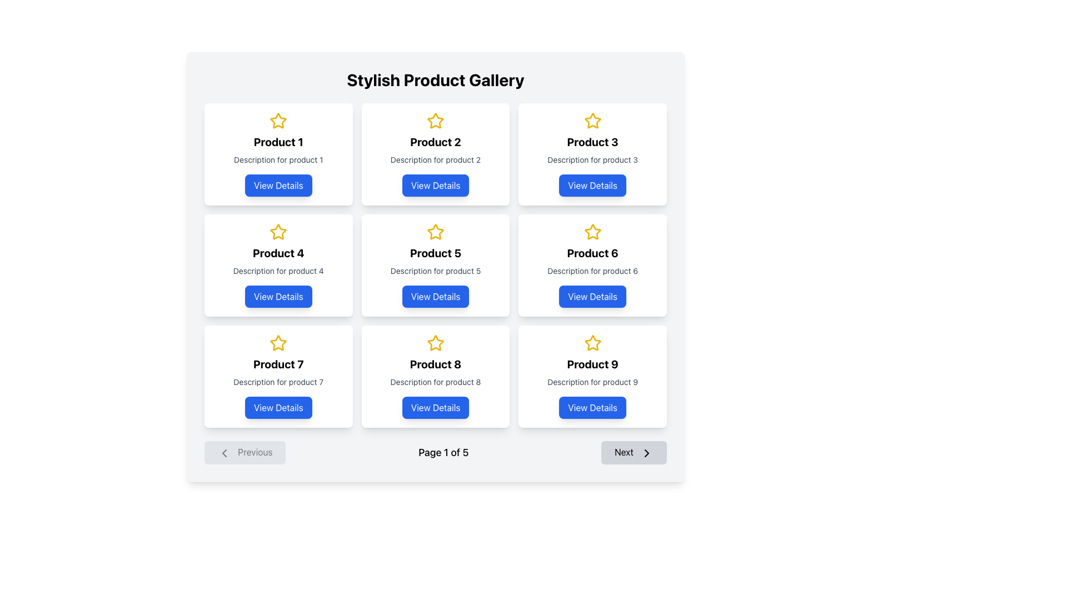 The width and height of the screenshot is (1067, 600). What do you see at coordinates (592, 342) in the screenshot?
I see `the yellow five-pointed star icon, which is used for marking or unmarking products as favorite, located above the 'Product 9' label in the product grid` at bounding box center [592, 342].